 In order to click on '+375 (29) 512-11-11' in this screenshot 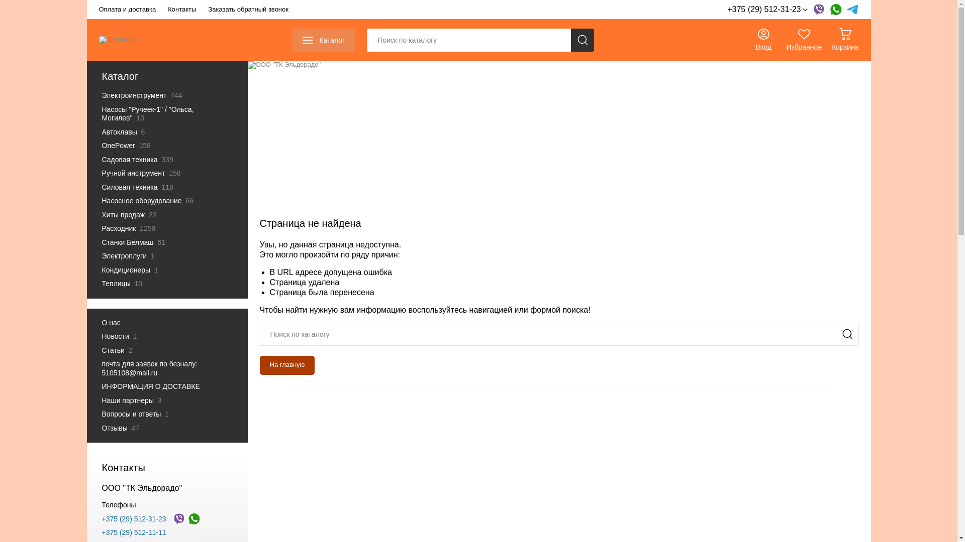, I will do `click(133, 531)`.